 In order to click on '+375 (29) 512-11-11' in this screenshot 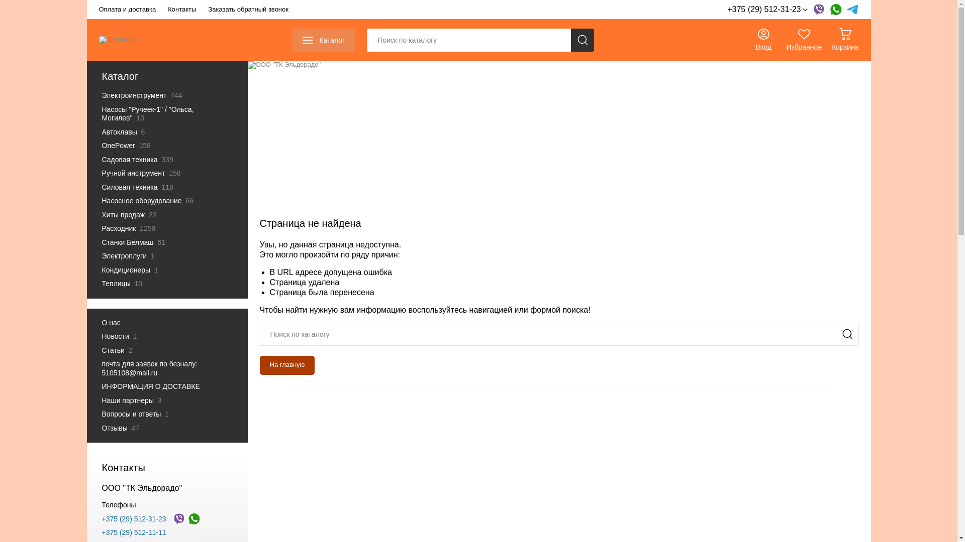, I will do `click(133, 531)`.